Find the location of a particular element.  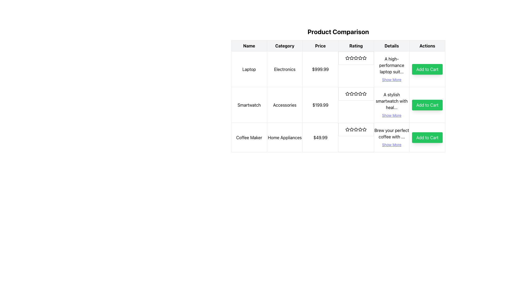

the Rating widget with stars that displays the user satisfaction rating for the 'Coffee Maker' product, located in the last row of the table under the 'Rating' column is located at coordinates (338, 137).